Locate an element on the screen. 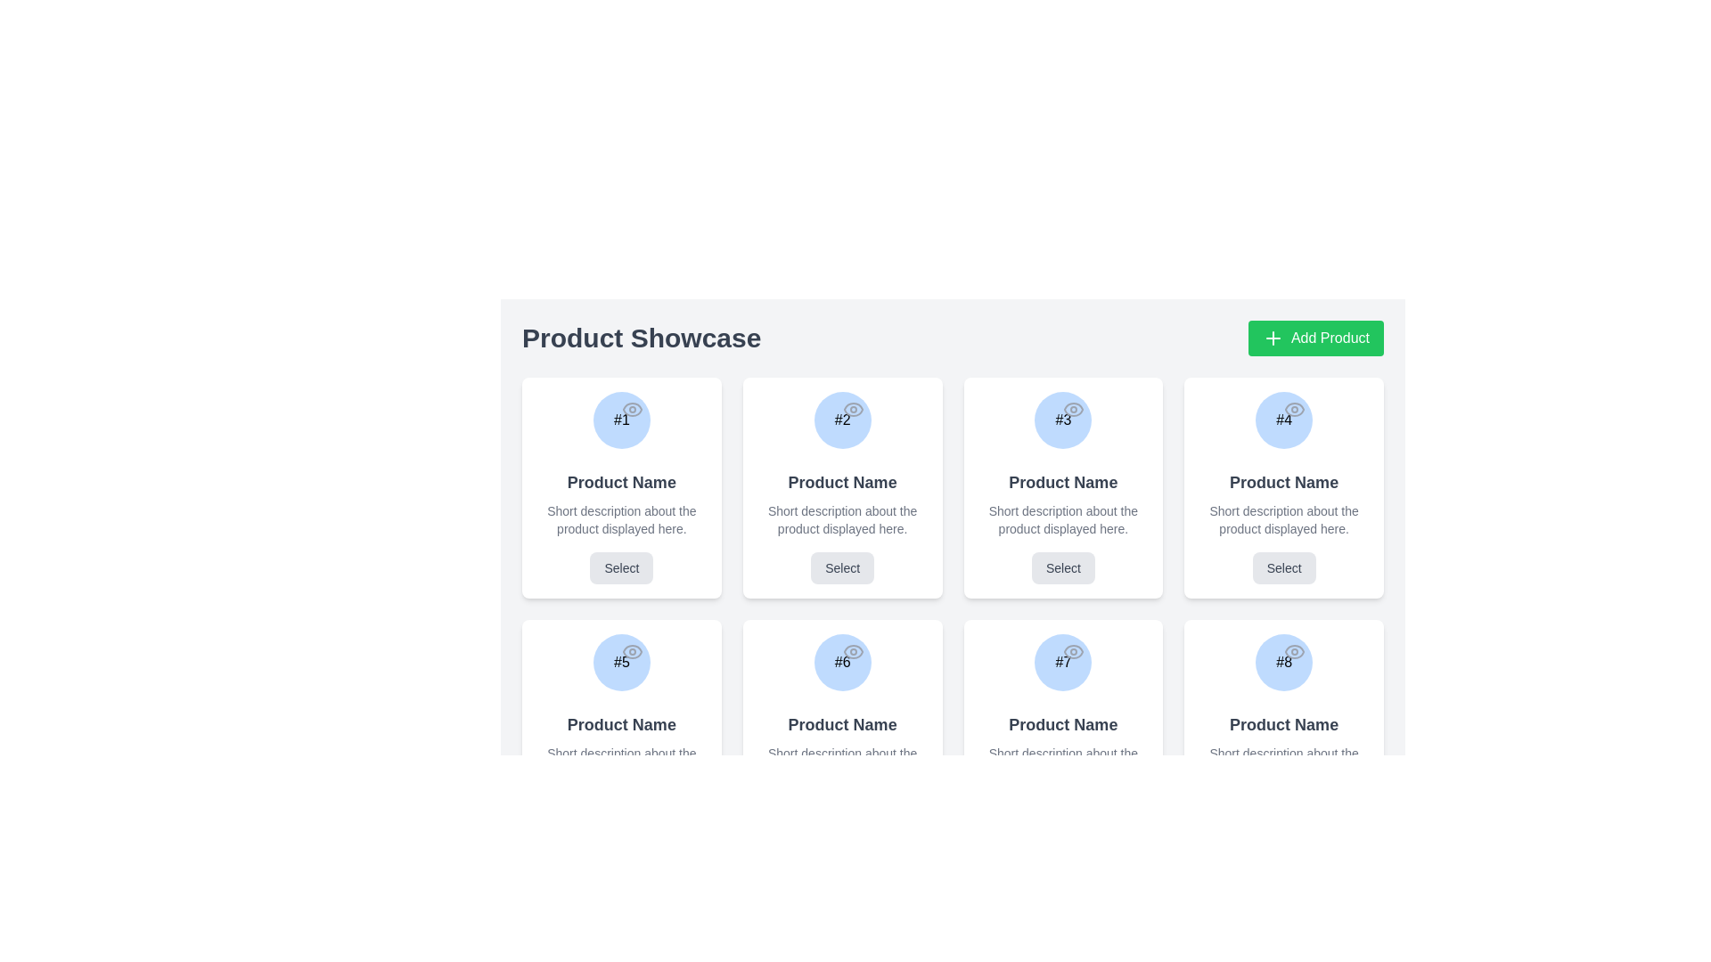 The image size is (1711, 962). product description text located in the first product card beneath the title 'Product Name' and above the 'Select' button is located at coordinates (621, 519).